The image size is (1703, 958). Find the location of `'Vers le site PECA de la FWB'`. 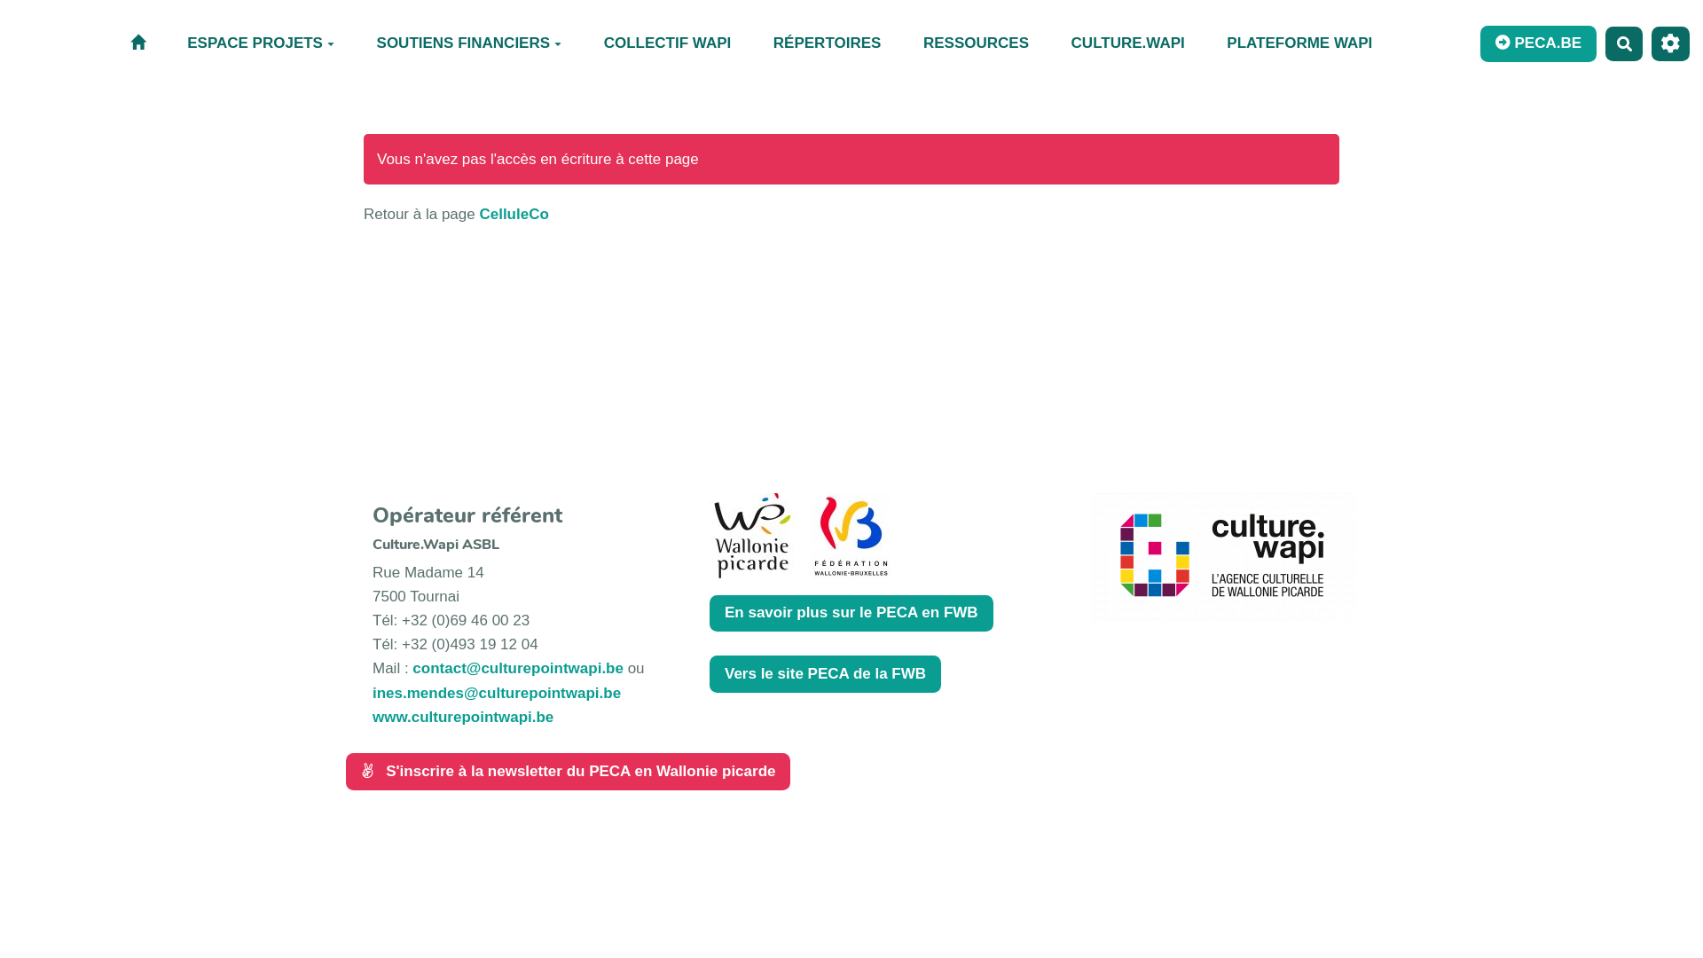

'Vers le site PECA de la FWB' is located at coordinates (710, 673).